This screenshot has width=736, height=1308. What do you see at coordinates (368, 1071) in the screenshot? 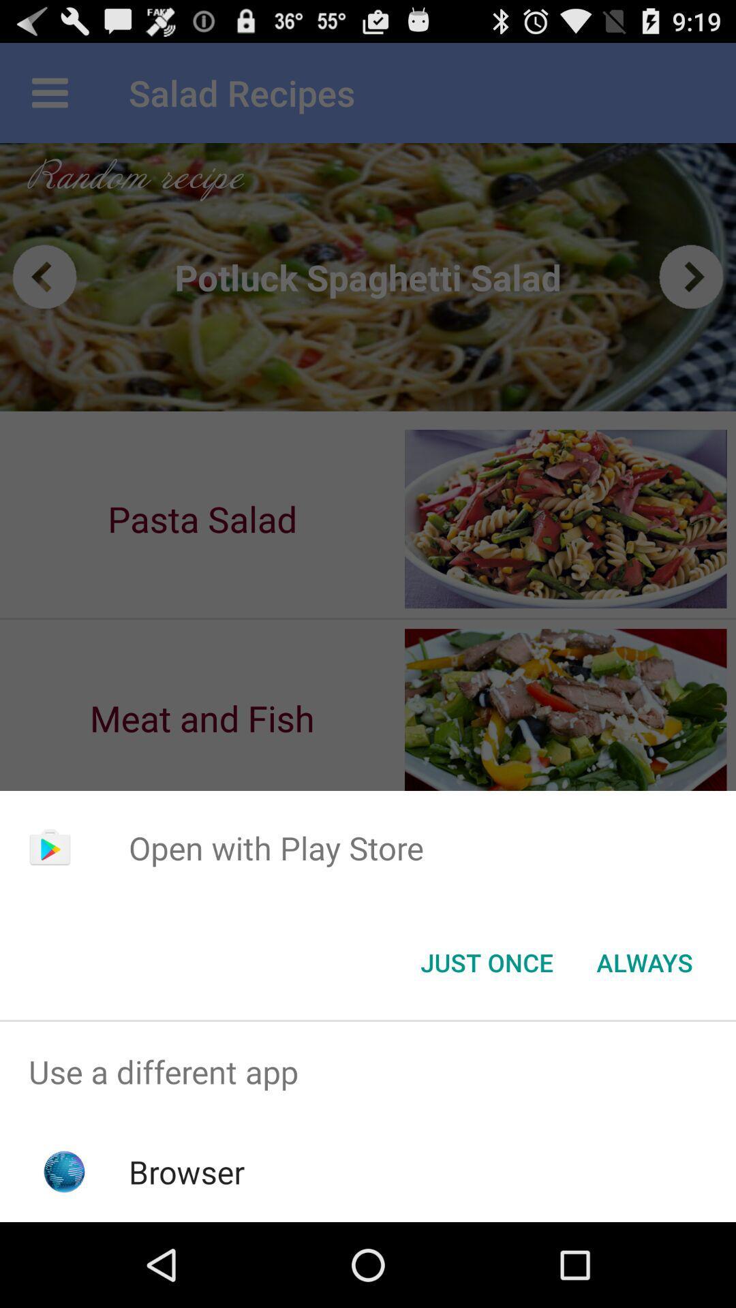
I see `the icon above browser` at bounding box center [368, 1071].